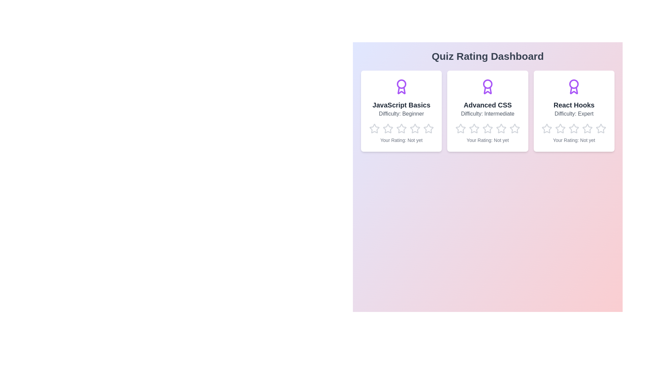 The height and width of the screenshot is (365, 649). What do you see at coordinates (382, 123) in the screenshot?
I see `the star corresponding to the rating 2 for the quiz JavaScript Basics` at bounding box center [382, 123].